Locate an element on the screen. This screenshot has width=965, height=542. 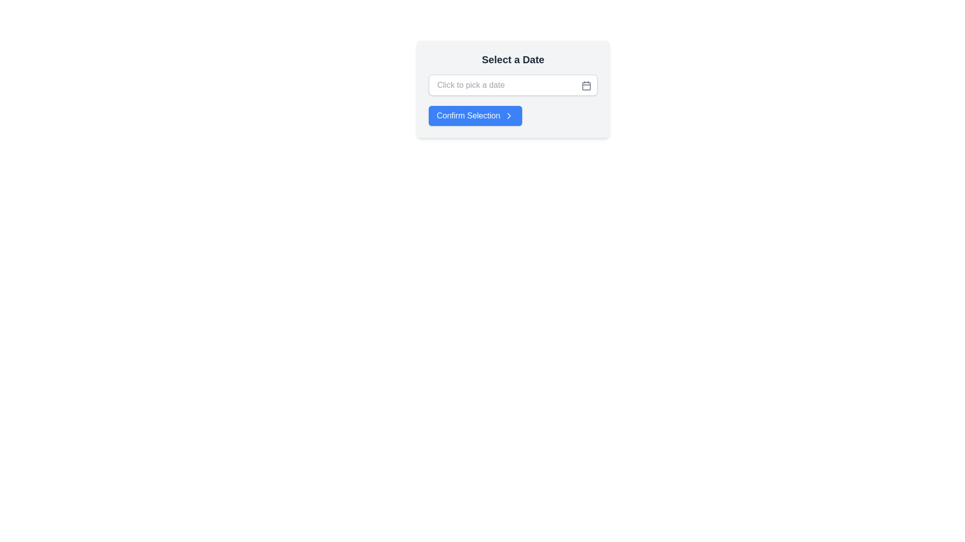
the confirmation button located below the date picker input field is located at coordinates (475, 115).